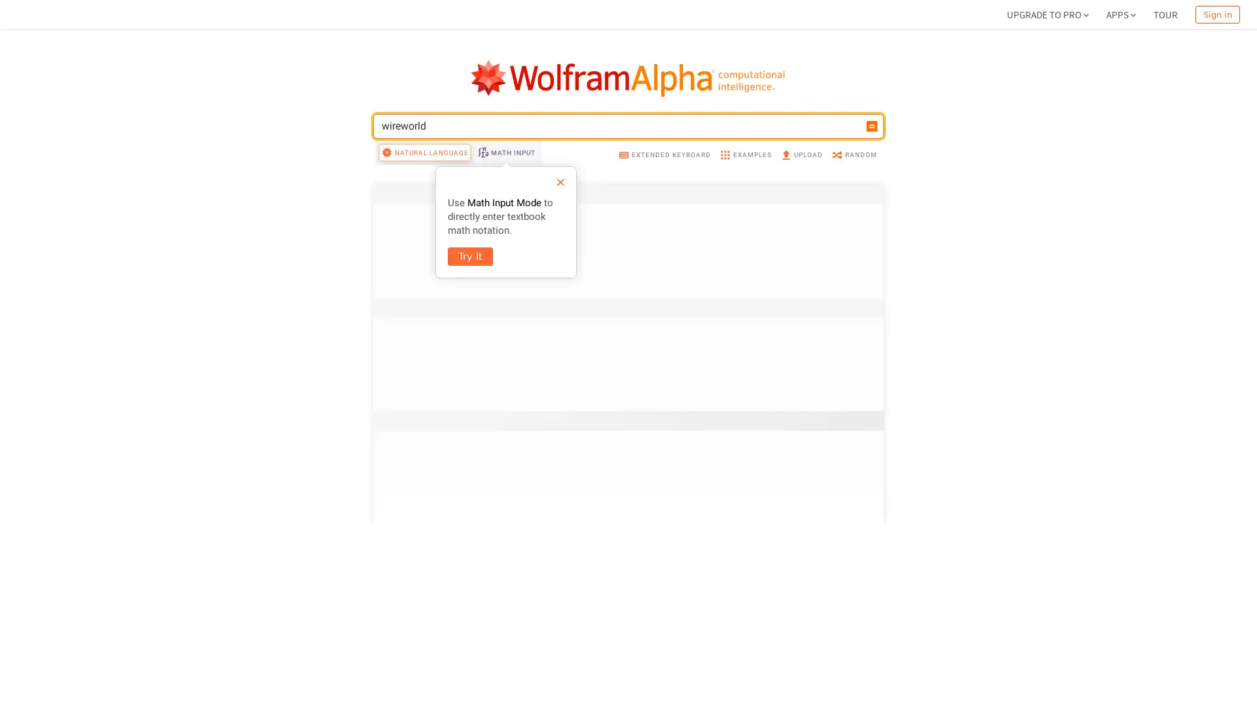  Describe the element at coordinates (664, 265) in the screenshot. I see `EXTENDED KEYBOARD` at that location.